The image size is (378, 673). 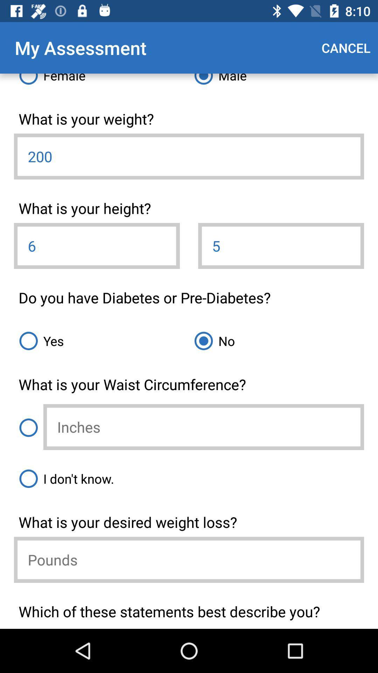 I want to click on the item above the what is your icon, so click(x=189, y=478).